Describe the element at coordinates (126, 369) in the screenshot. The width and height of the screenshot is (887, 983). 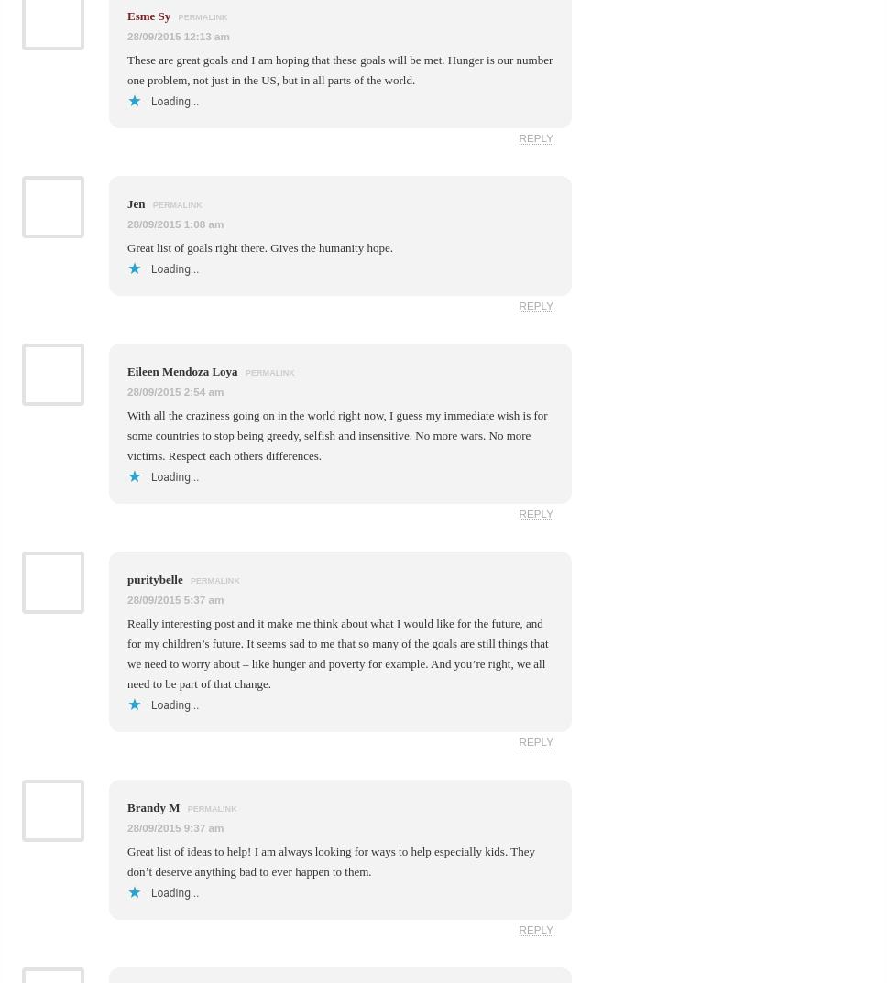
I see `'Eileen Mendoza Loya'` at that location.